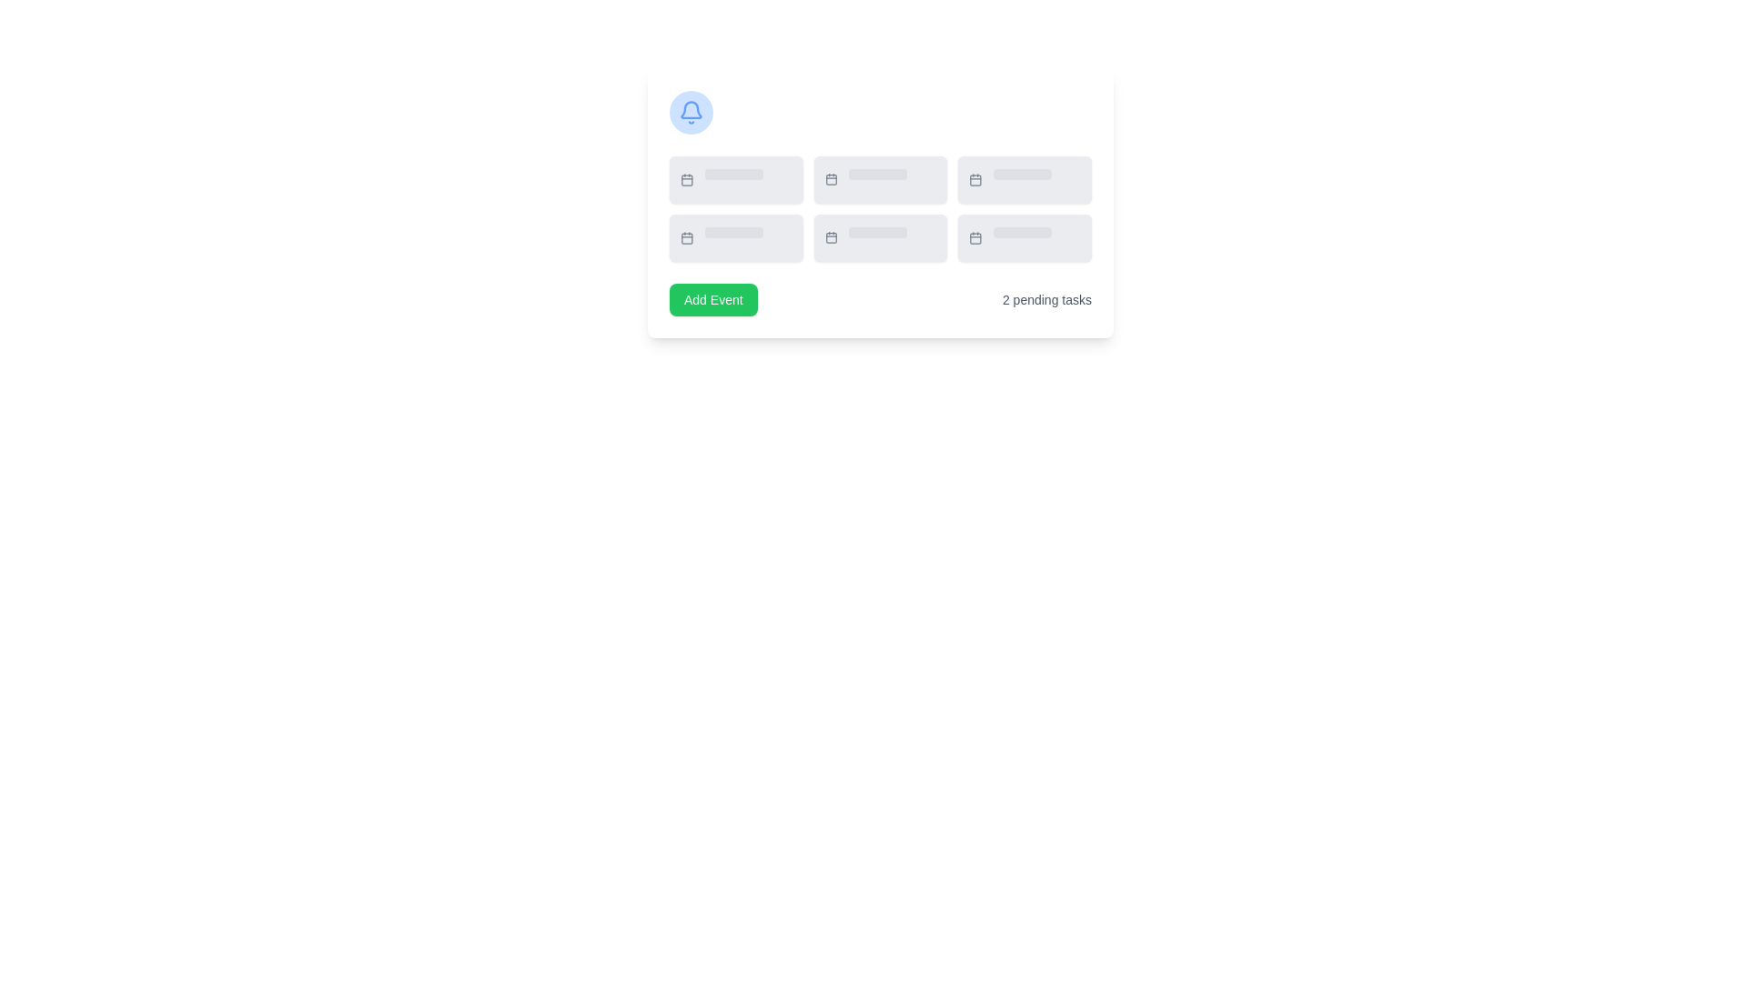 Image resolution: width=1747 pixels, height=982 pixels. I want to click on the thin, rectangular placeholder loader with rounded corners, filled with light gray color, located in the second row of items in a grid-like structure, so click(748, 186).